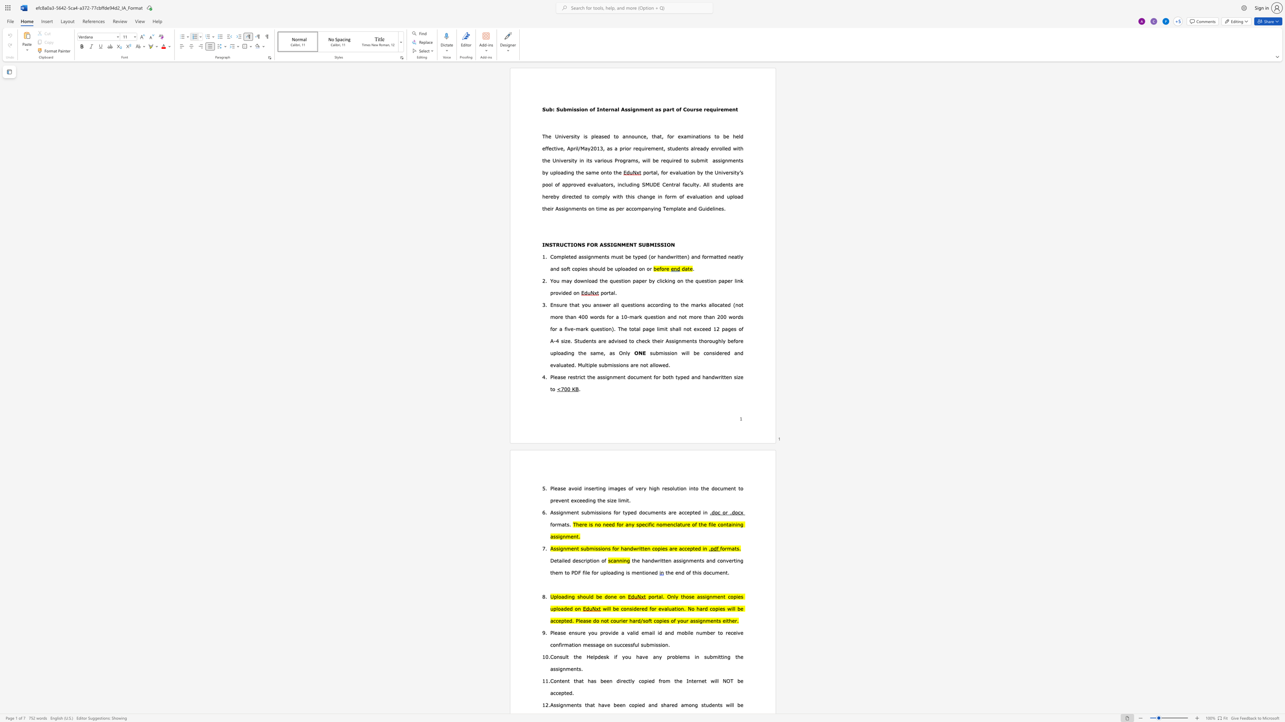 This screenshot has width=1285, height=722. I want to click on the 5th character "s" in the text, so click(600, 512).